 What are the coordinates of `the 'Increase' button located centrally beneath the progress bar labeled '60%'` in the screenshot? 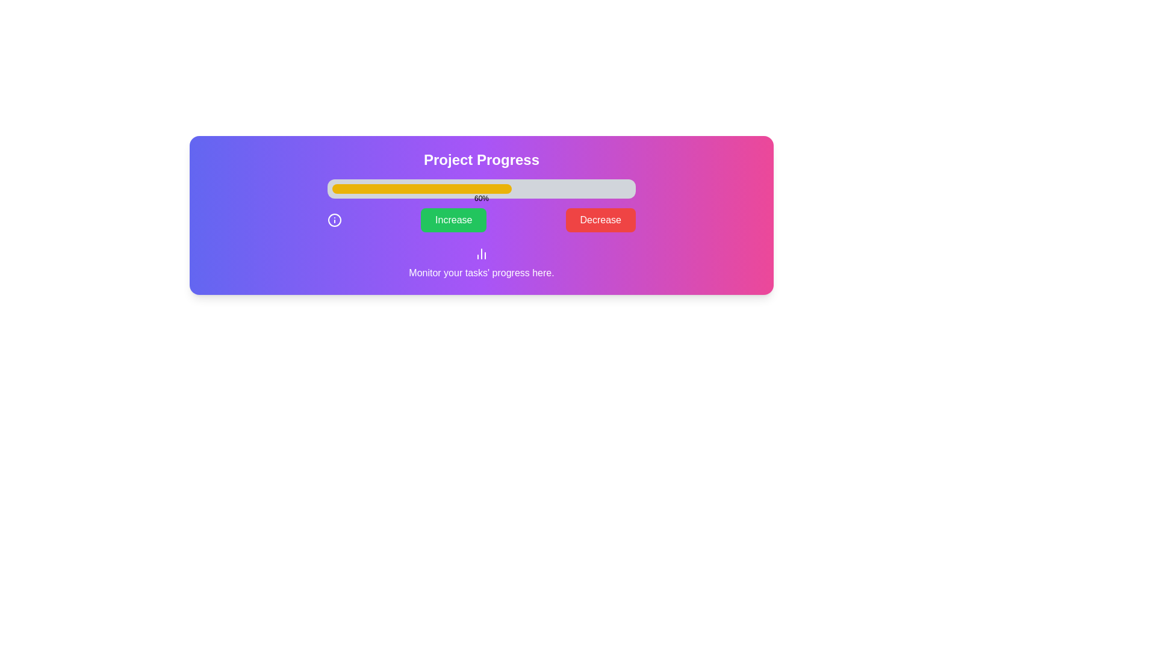 It's located at (453, 220).